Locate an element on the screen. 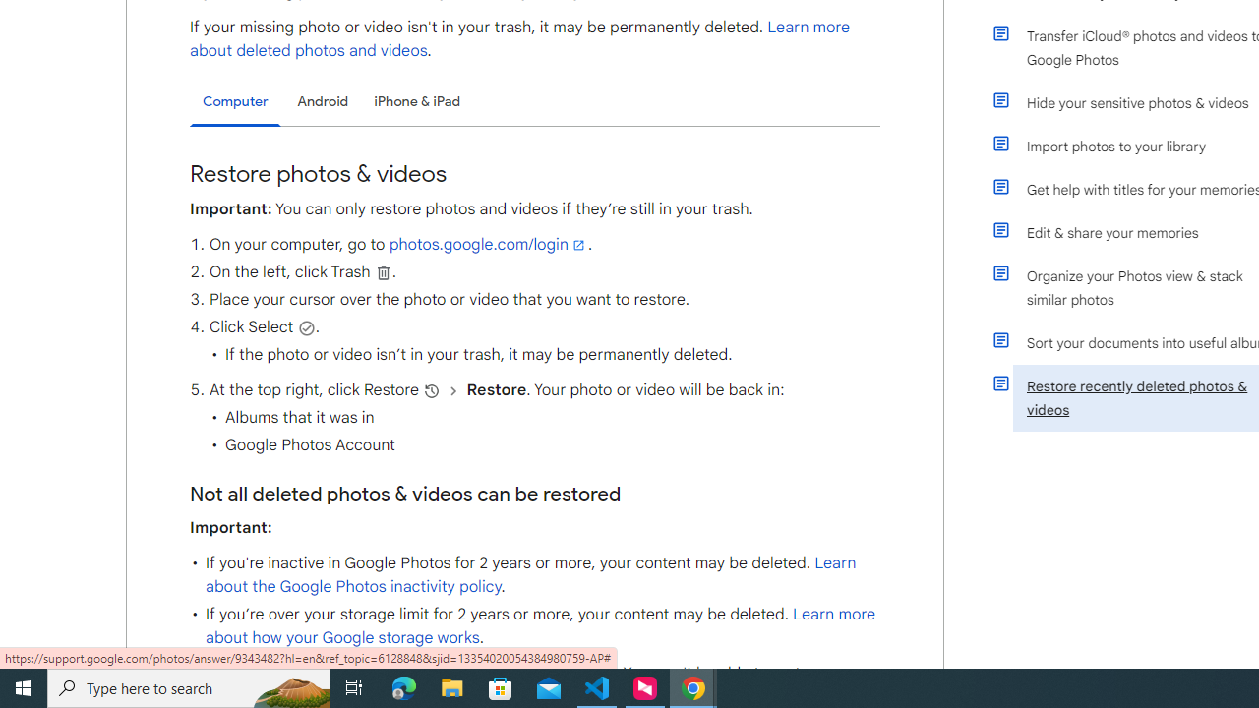  'iPhone & iPad' is located at coordinates (416, 101).